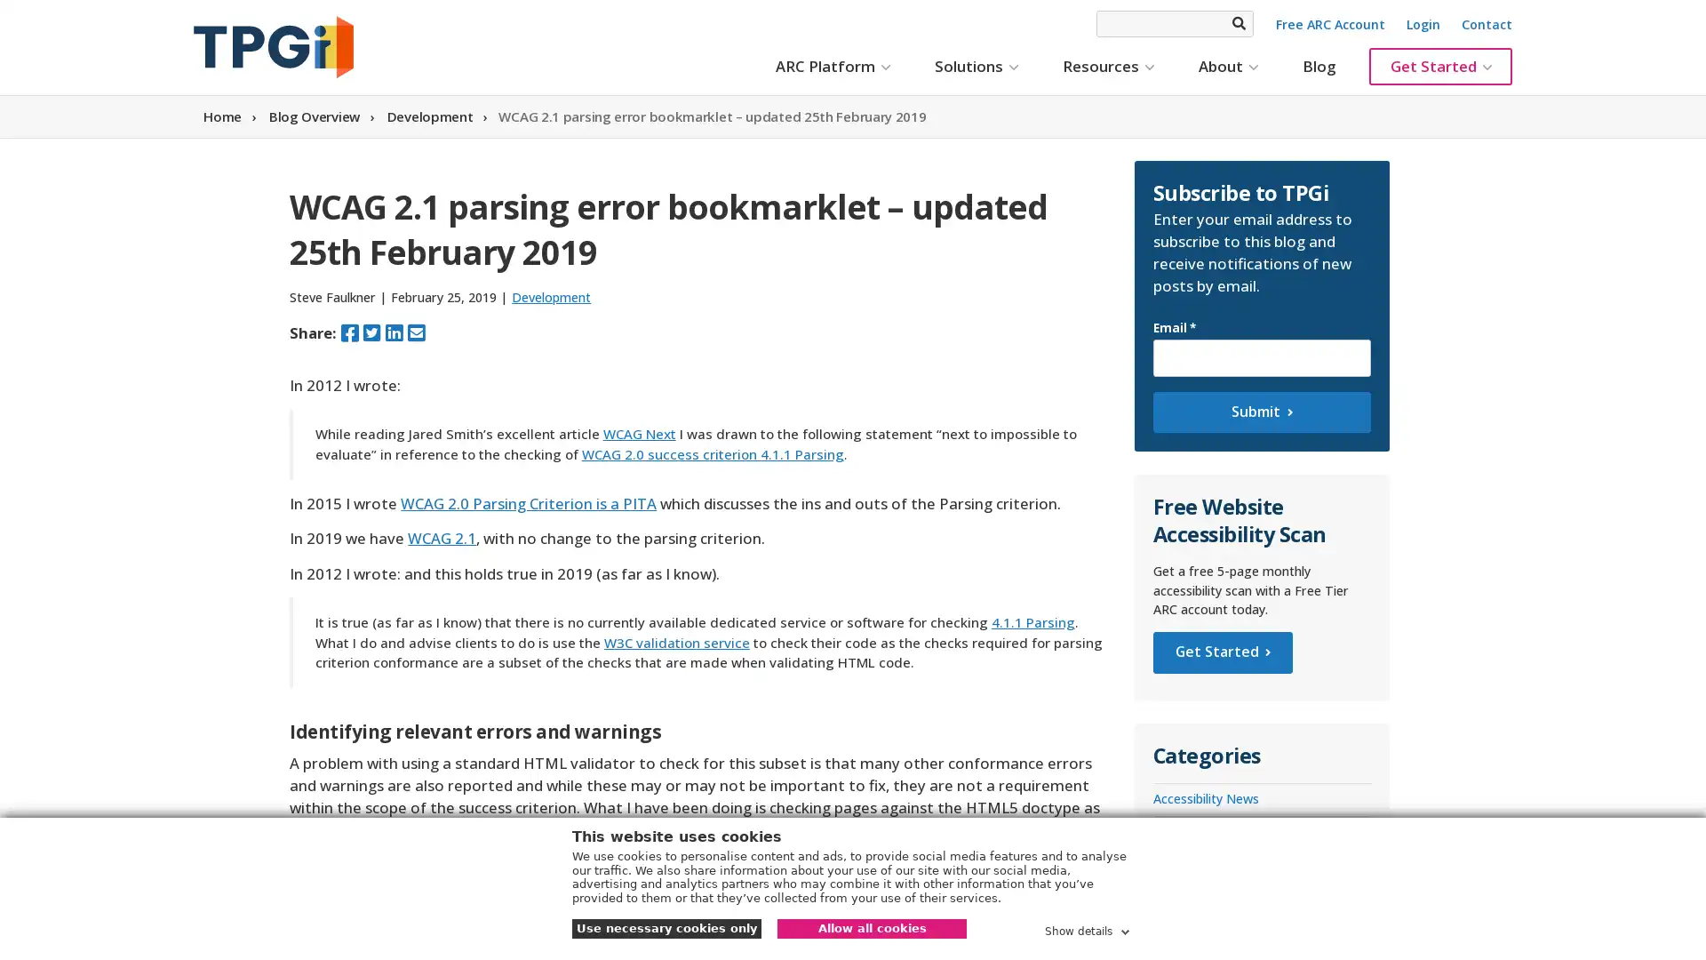 The image size is (1706, 960). Describe the element at coordinates (1260, 412) in the screenshot. I see `Submit` at that location.